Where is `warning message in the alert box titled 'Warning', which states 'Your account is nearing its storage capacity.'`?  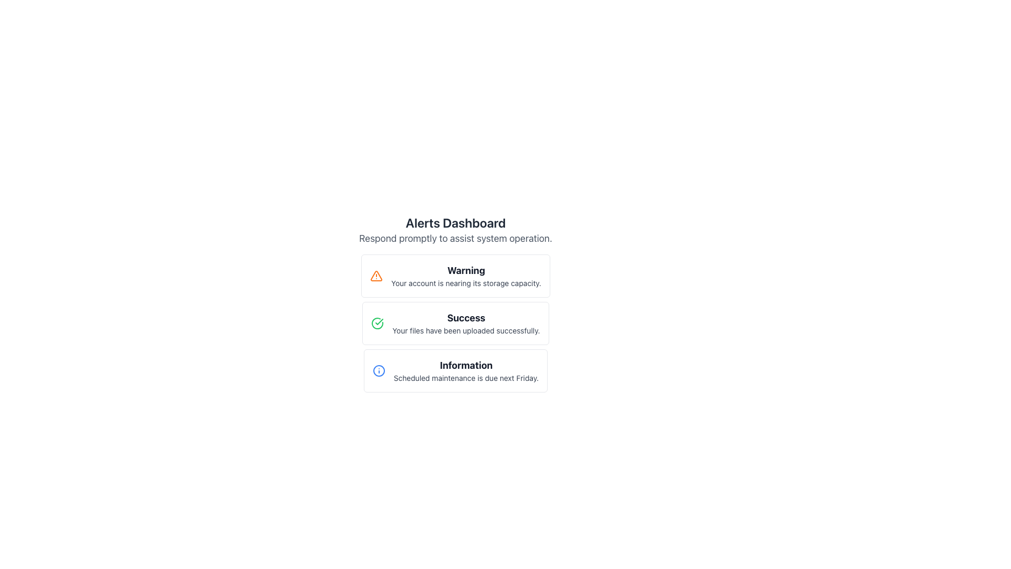
warning message in the alert box titled 'Warning', which states 'Your account is nearing its storage capacity.' is located at coordinates (465, 276).